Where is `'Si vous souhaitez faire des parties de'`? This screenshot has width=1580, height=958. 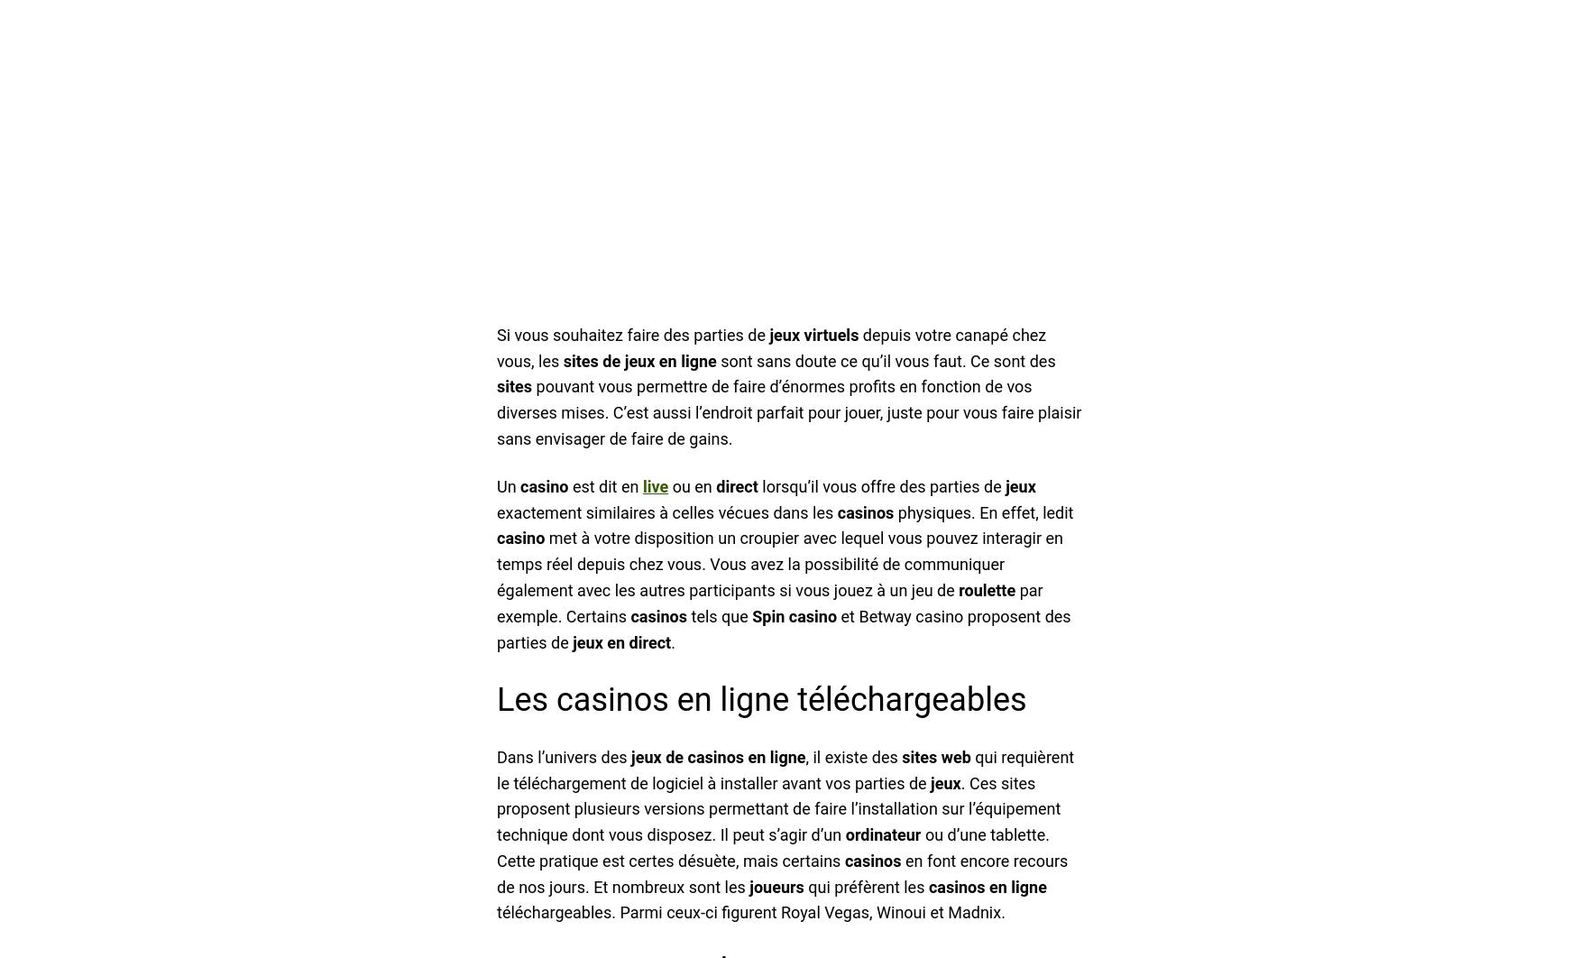
'Si vous souhaitez faire des parties de' is located at coordinates (496, 333).